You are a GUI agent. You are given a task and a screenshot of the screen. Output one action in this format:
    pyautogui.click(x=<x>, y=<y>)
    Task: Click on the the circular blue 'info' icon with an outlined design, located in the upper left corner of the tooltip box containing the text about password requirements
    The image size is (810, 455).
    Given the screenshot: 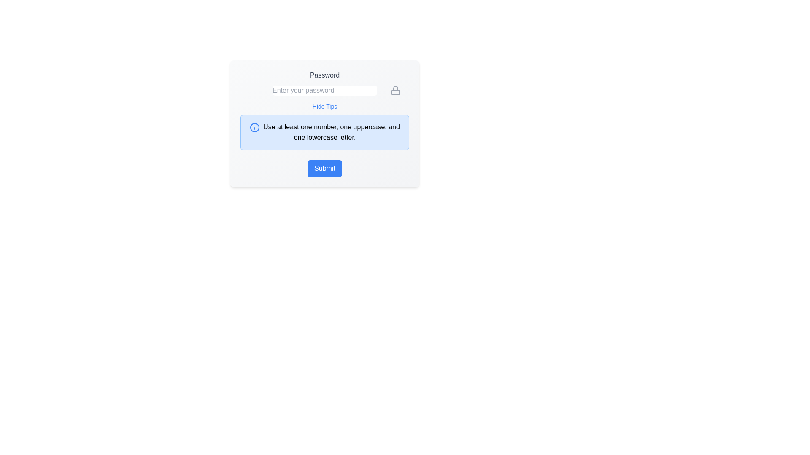 What is the action you would take?
    pyautogui.click(x=254, y=127)
    